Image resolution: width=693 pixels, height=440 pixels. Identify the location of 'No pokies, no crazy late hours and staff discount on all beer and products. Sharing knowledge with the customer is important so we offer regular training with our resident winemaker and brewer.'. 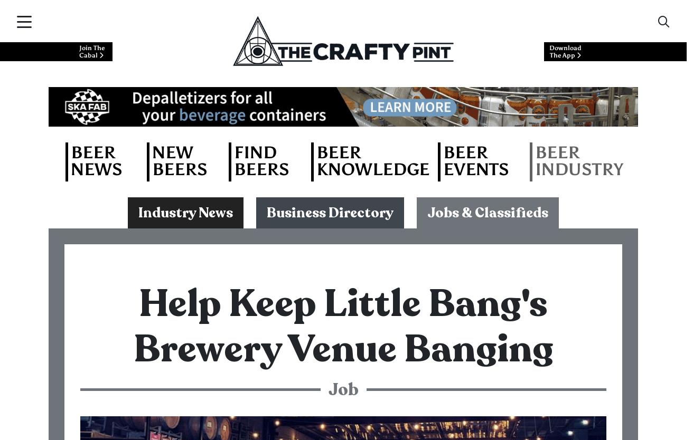
(338, 387).